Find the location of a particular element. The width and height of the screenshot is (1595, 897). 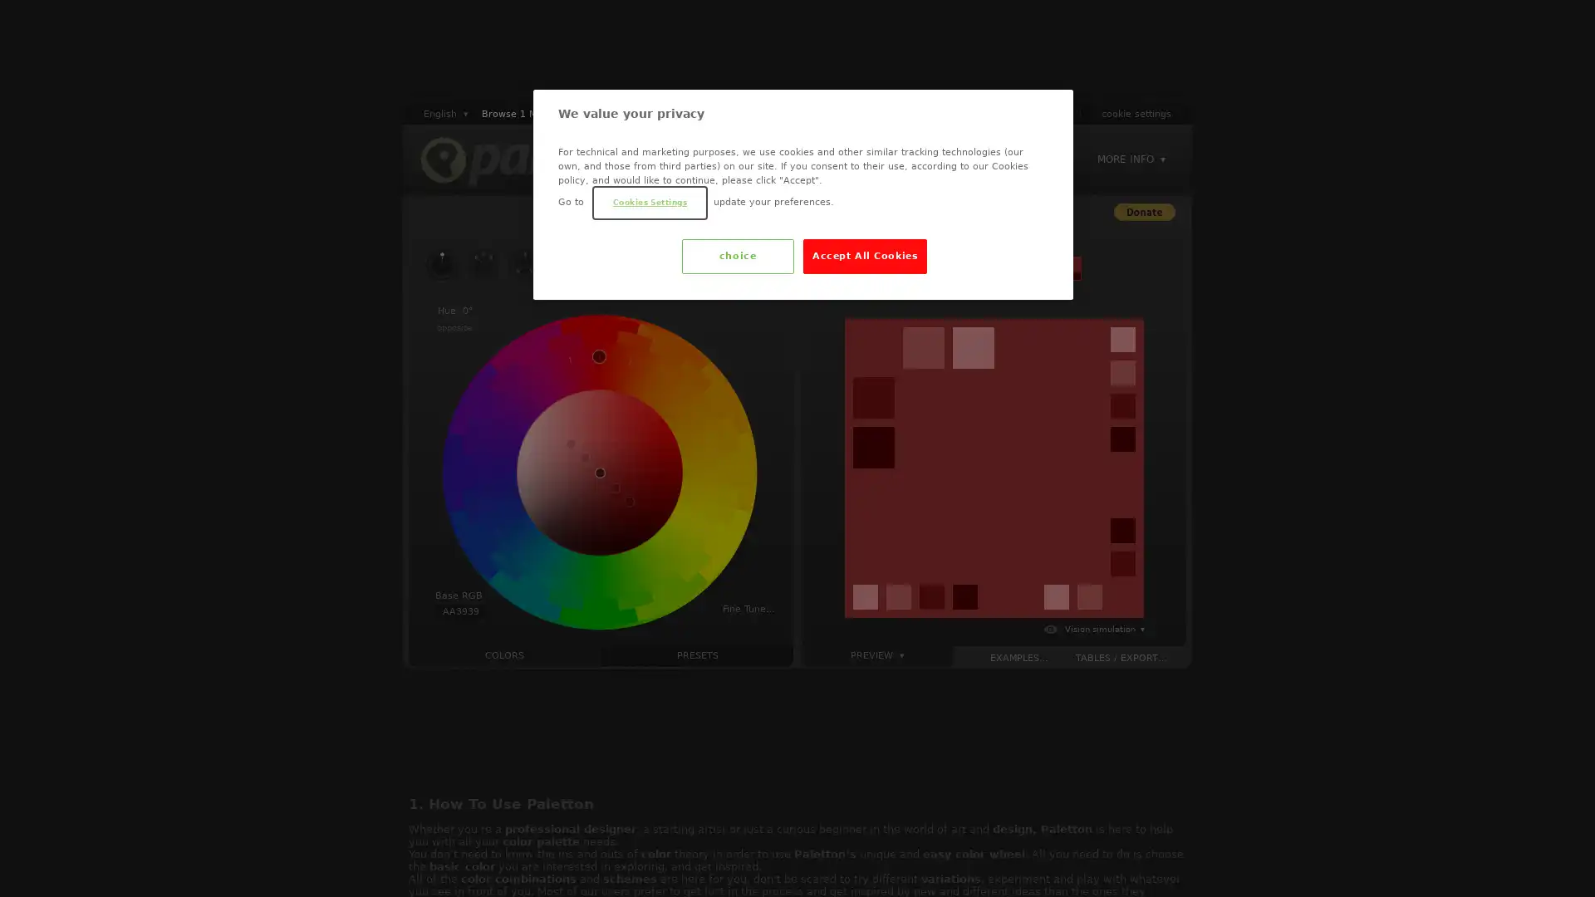

opposite is located at coordinates (454, 327).